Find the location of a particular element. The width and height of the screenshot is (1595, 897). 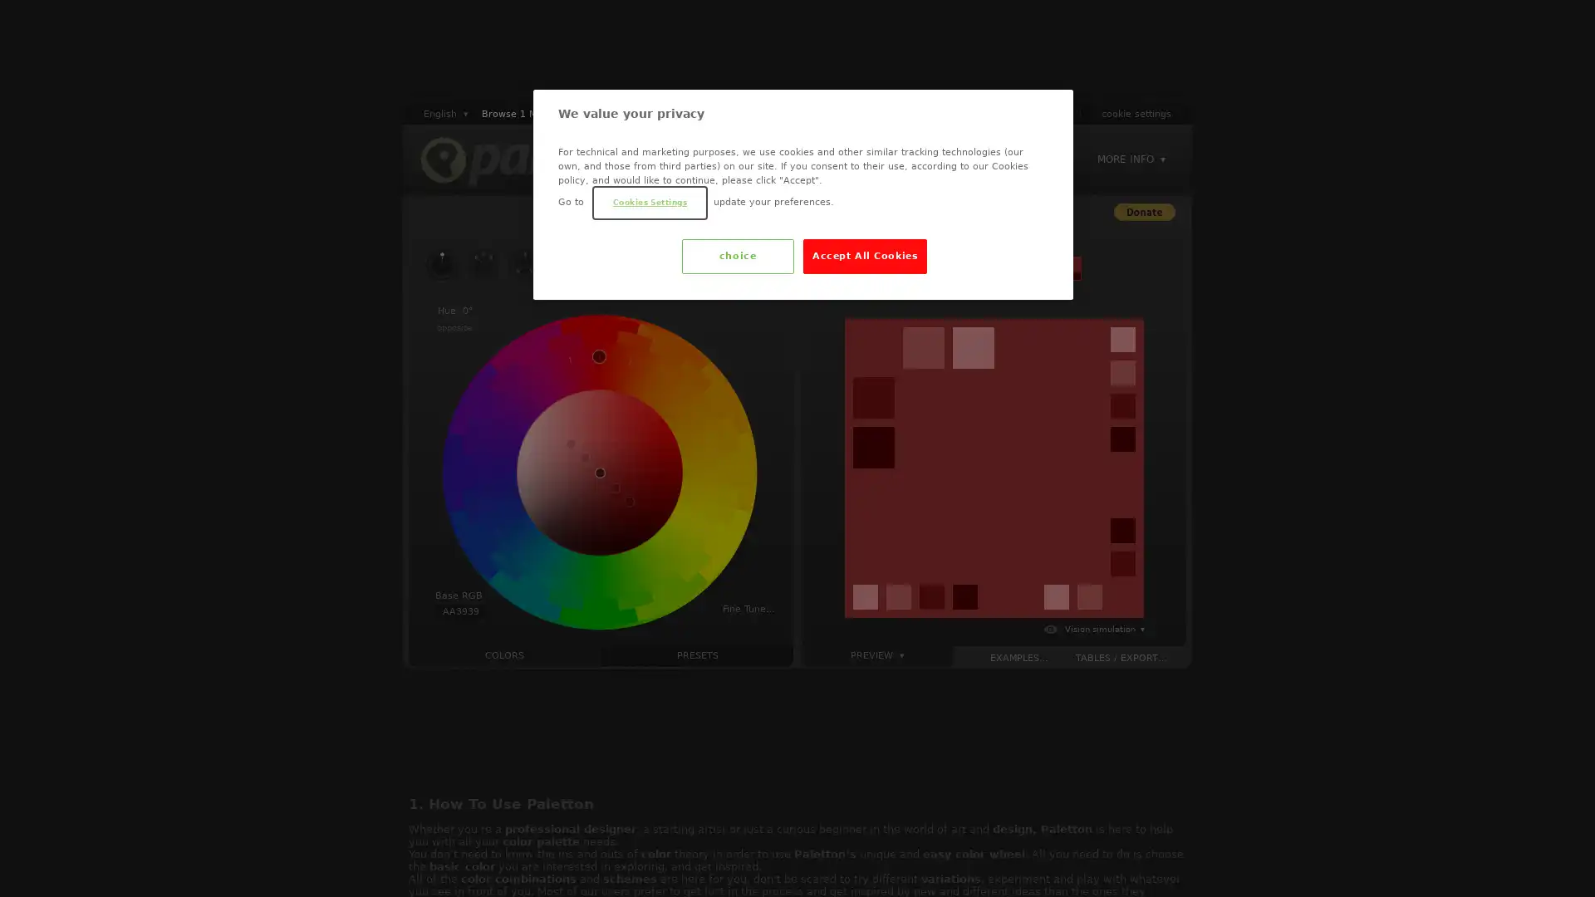

opposite is located at coordinates (454, 327).